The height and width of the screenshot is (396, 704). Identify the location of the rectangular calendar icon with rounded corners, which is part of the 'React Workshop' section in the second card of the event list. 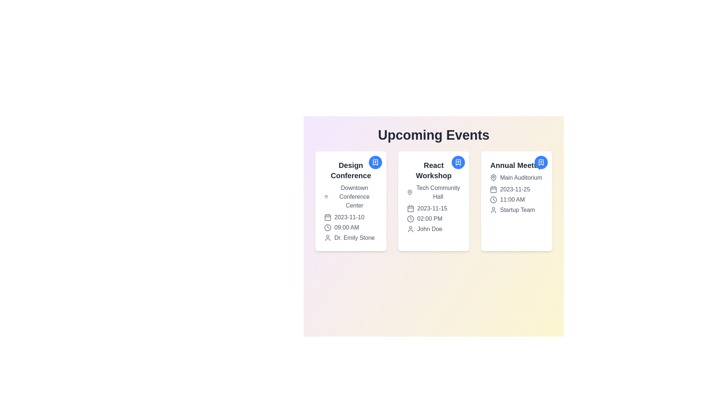
(410, 209).